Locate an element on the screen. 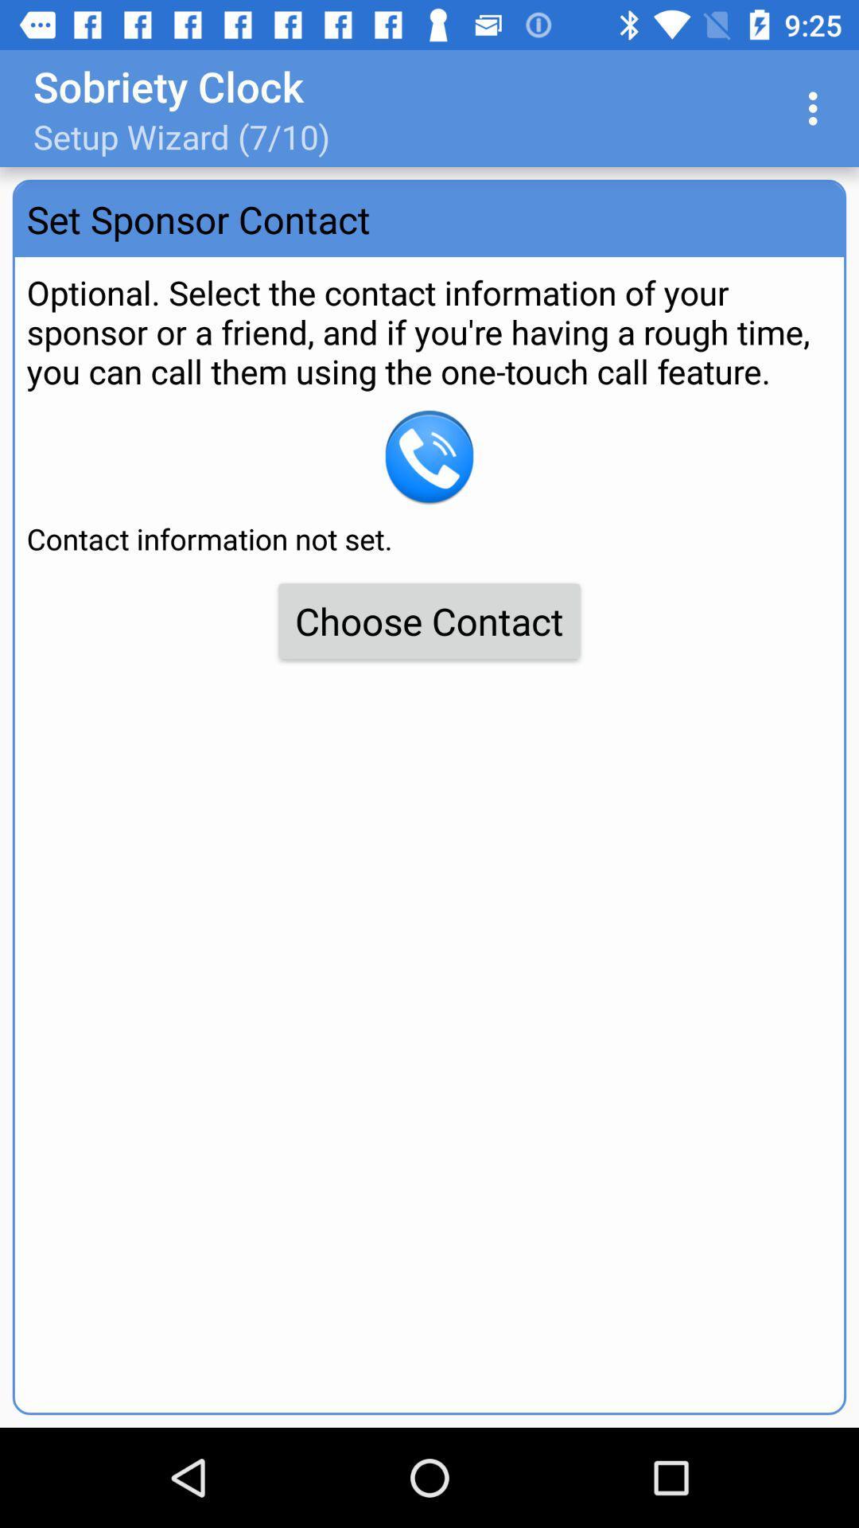 The image size is (859, 1528). choose contact item is located at coordinates (429, 620).